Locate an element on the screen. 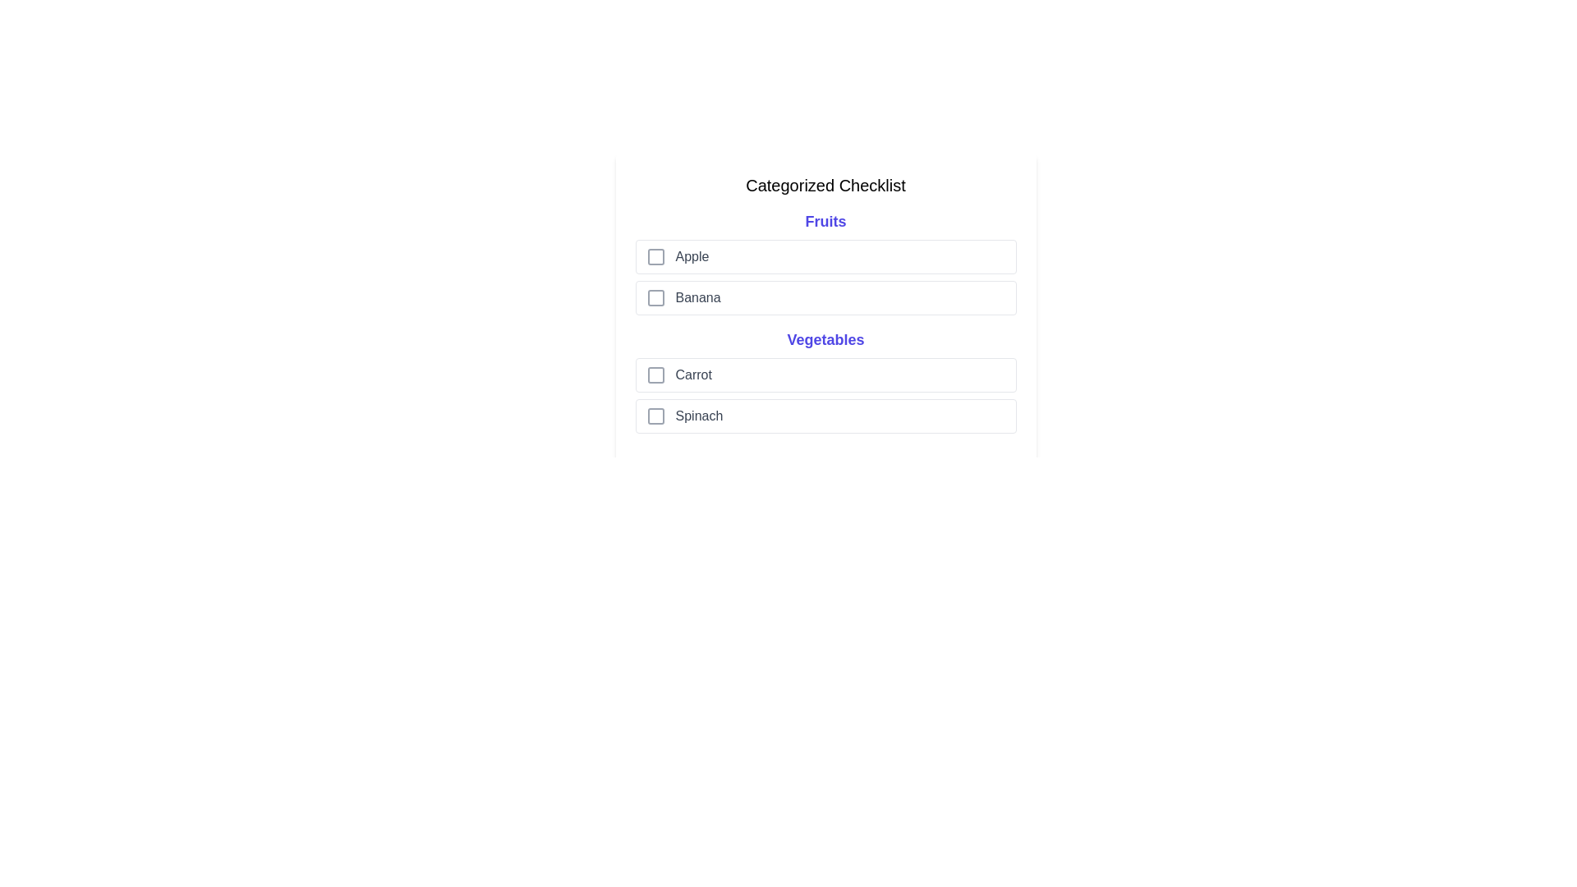 This screenshot has width=1577, height=887. the checkbox for the item labeled 'Apple' to check or uncheck it is located at coordinates (655, 256).